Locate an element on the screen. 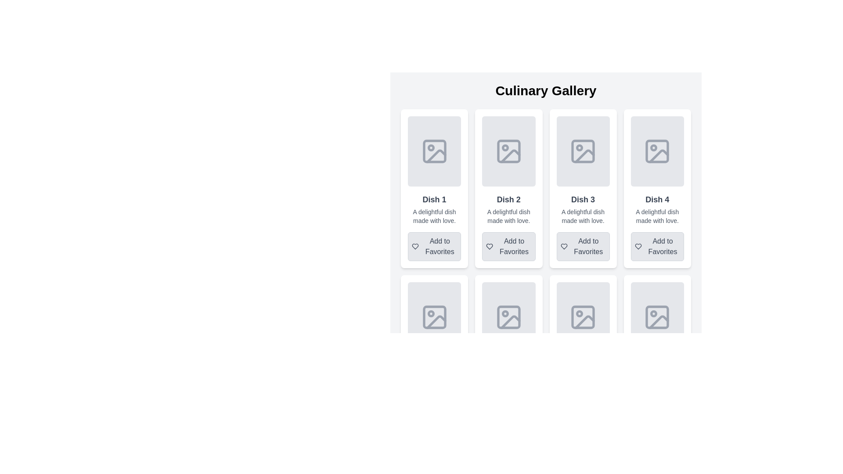 The height and width of the screenshot is (474, 843). the graphical marker or icon located in the lower-right corner of the fifth image grid item, which serves as a decorative element or indicator related to the image is located at coordinates (654, 313).